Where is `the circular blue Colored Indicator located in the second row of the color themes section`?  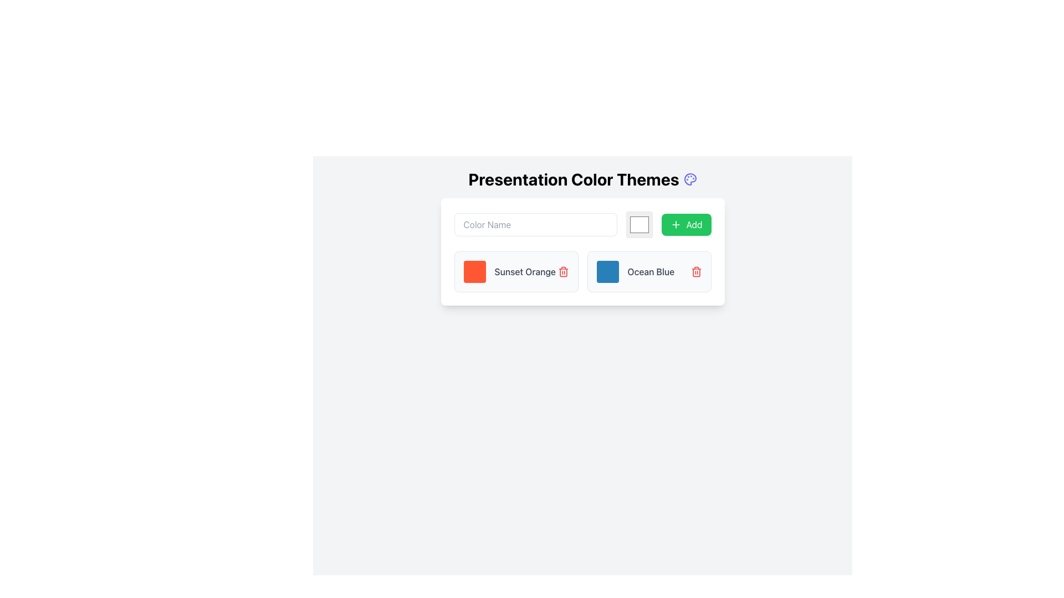 the circular blue Colored Indicator located in the second row of the color themes section is located at coordinates (607, 271).